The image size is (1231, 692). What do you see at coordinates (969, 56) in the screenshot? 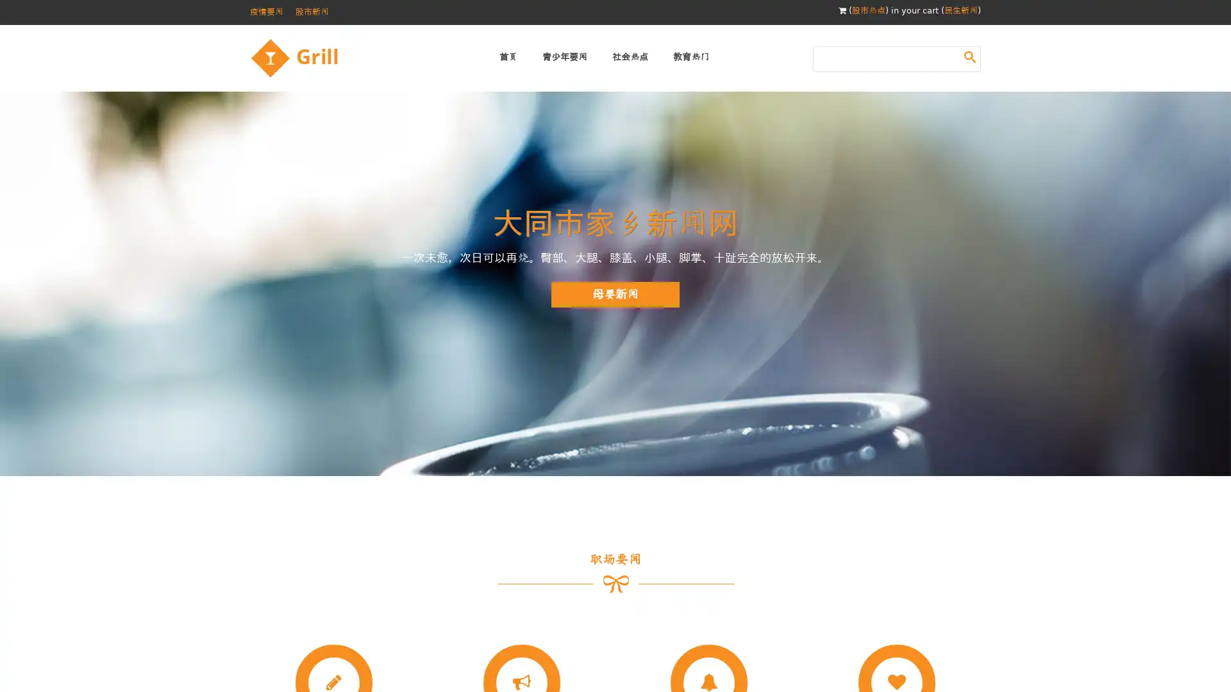
I see `Submit` at bounding box center [969, 56].